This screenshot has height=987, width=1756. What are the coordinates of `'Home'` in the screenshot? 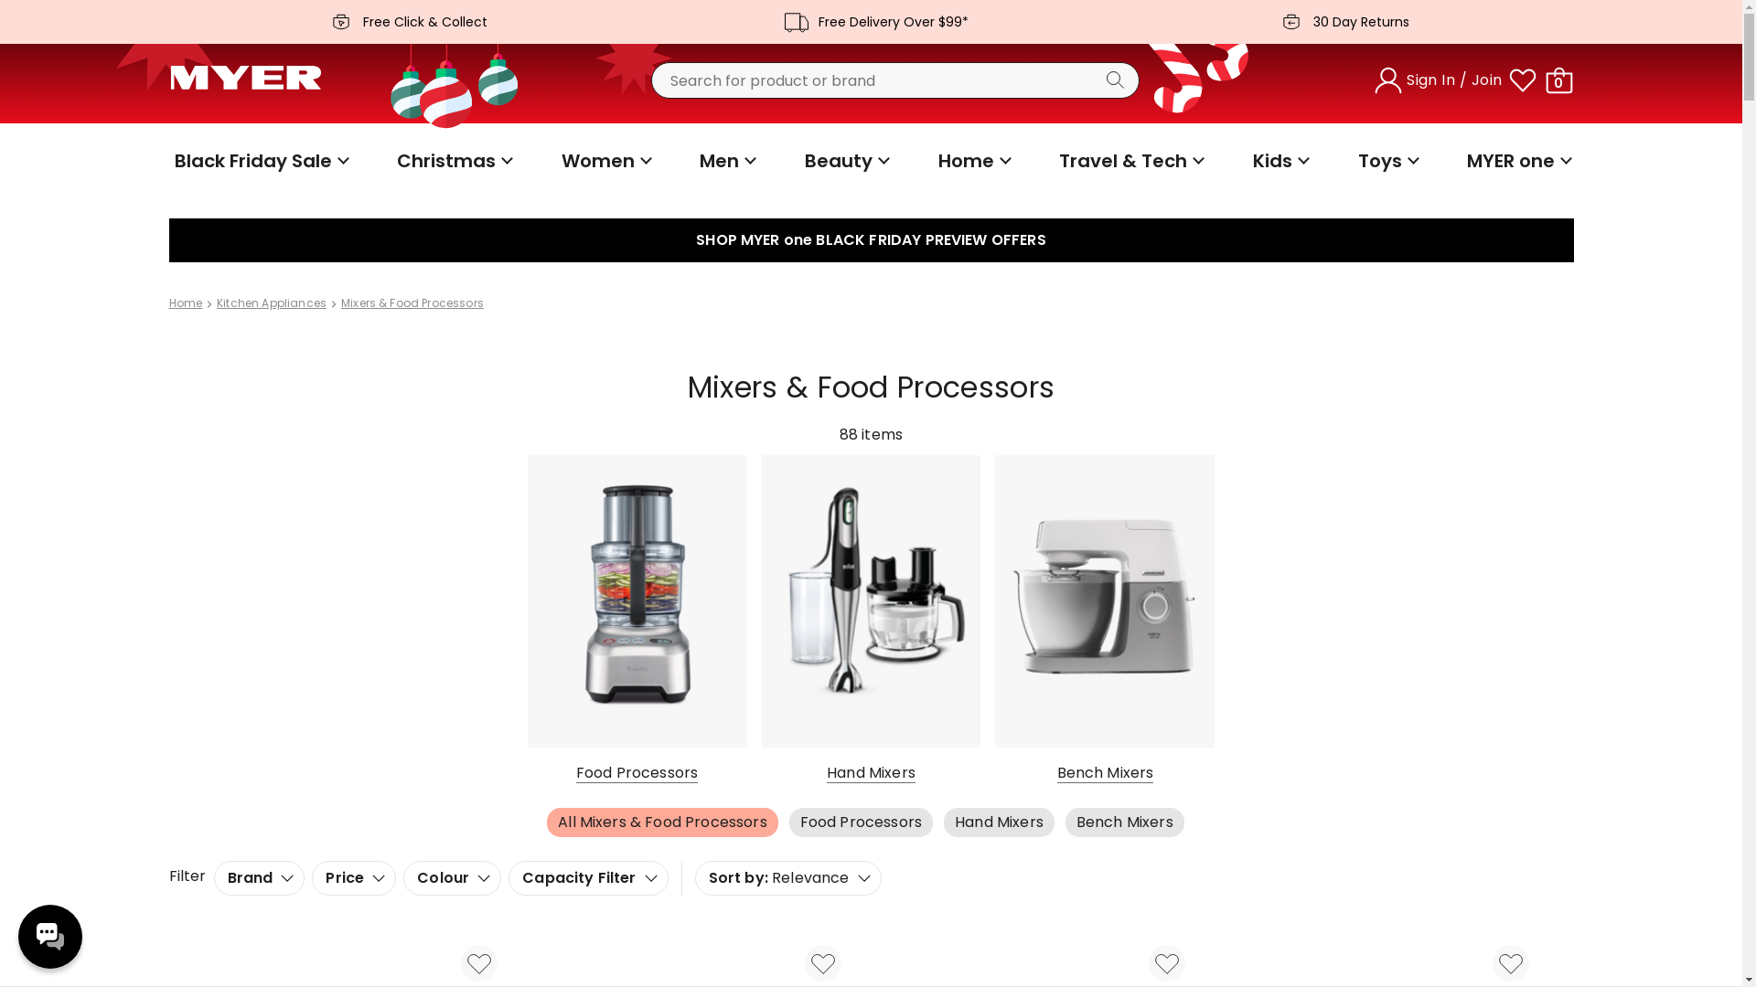 It's located at (185, 302).